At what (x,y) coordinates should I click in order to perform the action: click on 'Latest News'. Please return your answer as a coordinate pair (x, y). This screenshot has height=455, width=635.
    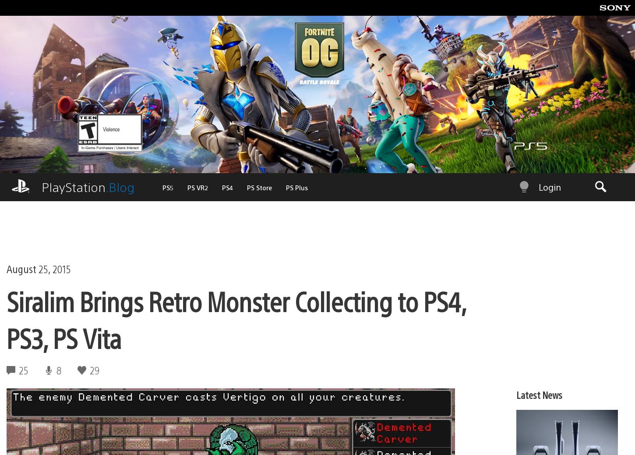
    Looking at the image, I should click on (539, 380).